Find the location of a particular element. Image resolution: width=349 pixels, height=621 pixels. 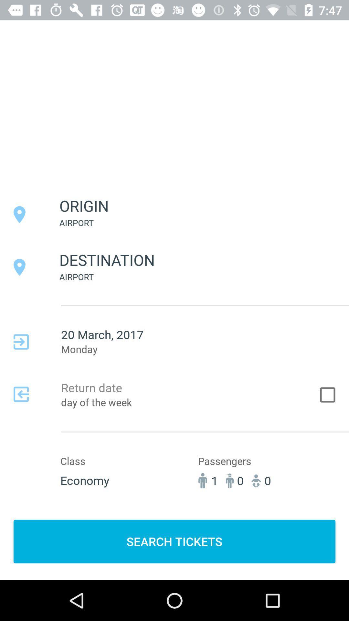

search tickets item is located at coordinates (174, 541).